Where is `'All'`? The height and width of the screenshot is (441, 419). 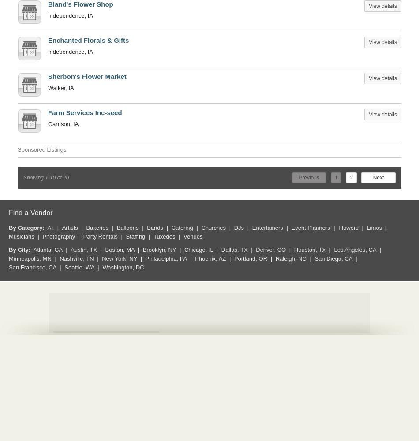
'All' is located at coordinates (50, 227).